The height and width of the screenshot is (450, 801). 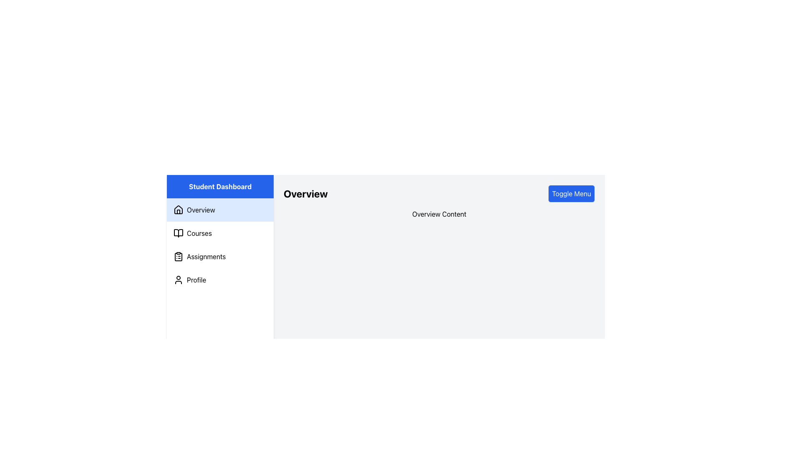 What do you see at coordinates (438, 213) in the screenshot?
I see `the label that serves as a header or title for the content section, positioned below the 'Overview' heading and above the main body content` at bounding box center [438, 213].